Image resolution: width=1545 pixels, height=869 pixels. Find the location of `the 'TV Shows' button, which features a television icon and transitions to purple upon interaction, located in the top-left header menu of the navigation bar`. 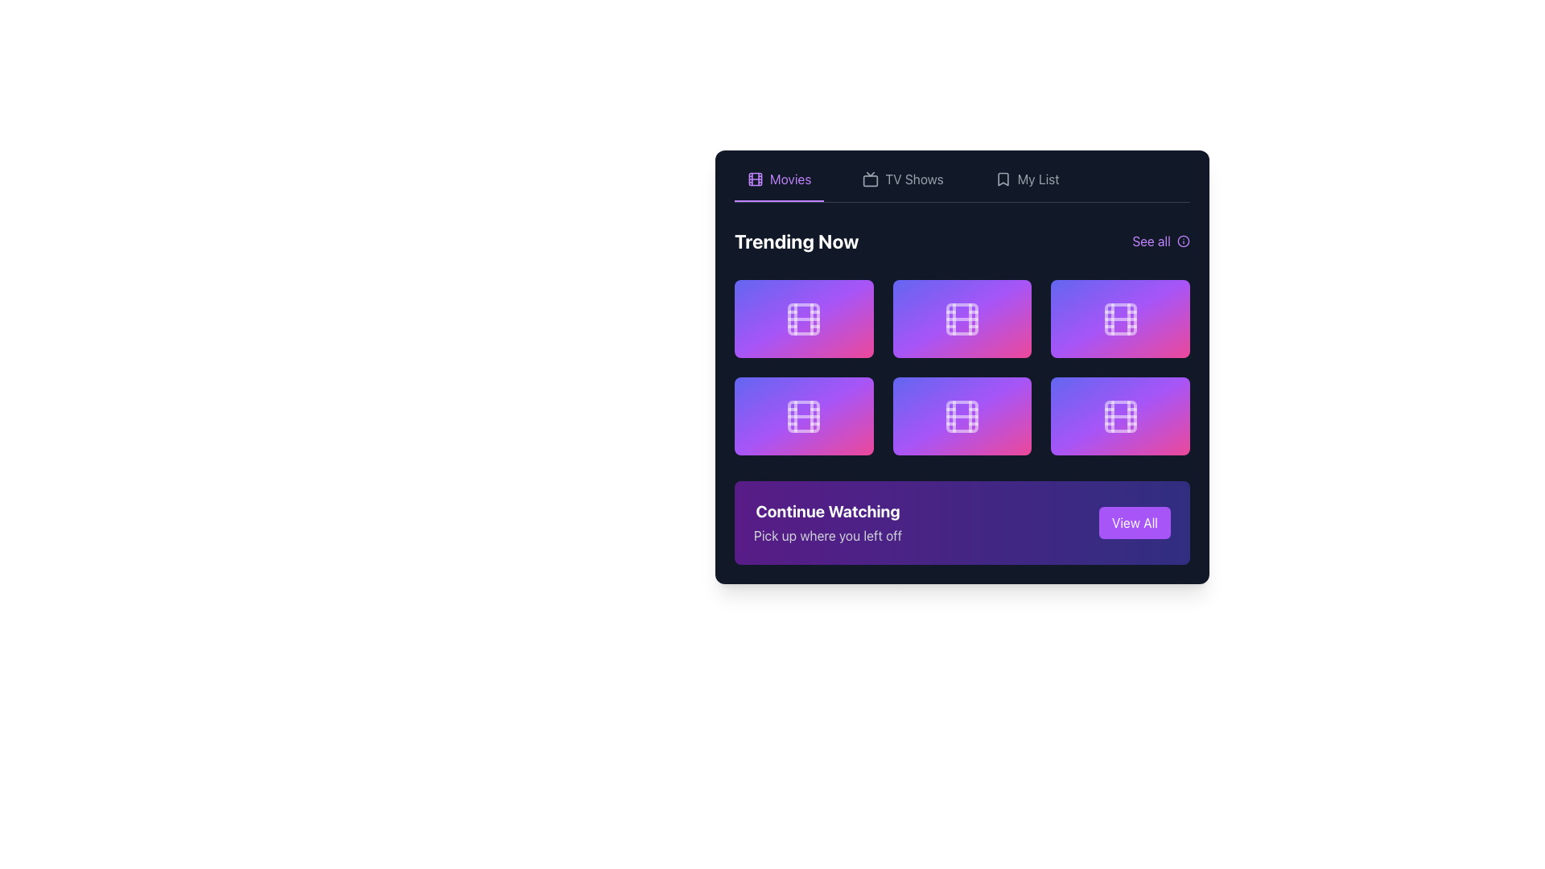

the 'TV Shows' button, which features a television icon and transitions to purple upon interaction, located in the top-left header menu of the navigation bar is located at coordinates (903, 185).